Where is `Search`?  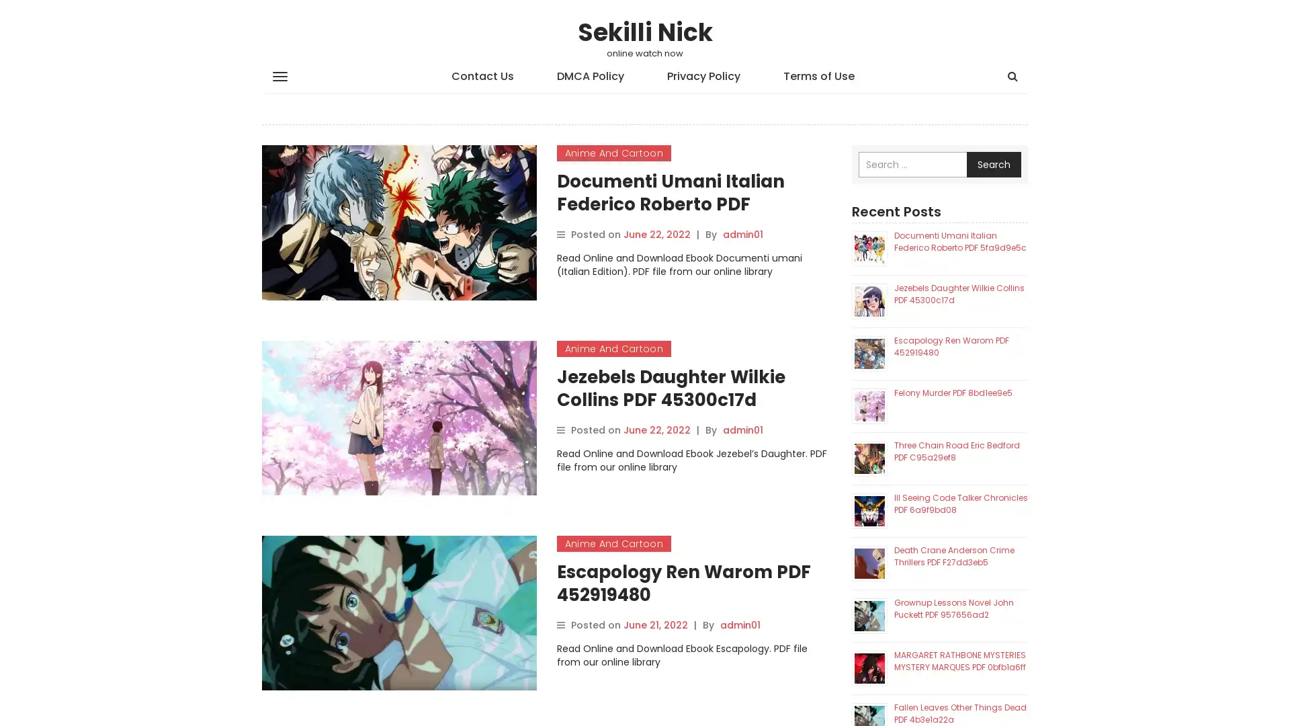 Search is located at coordinates (994, 164).